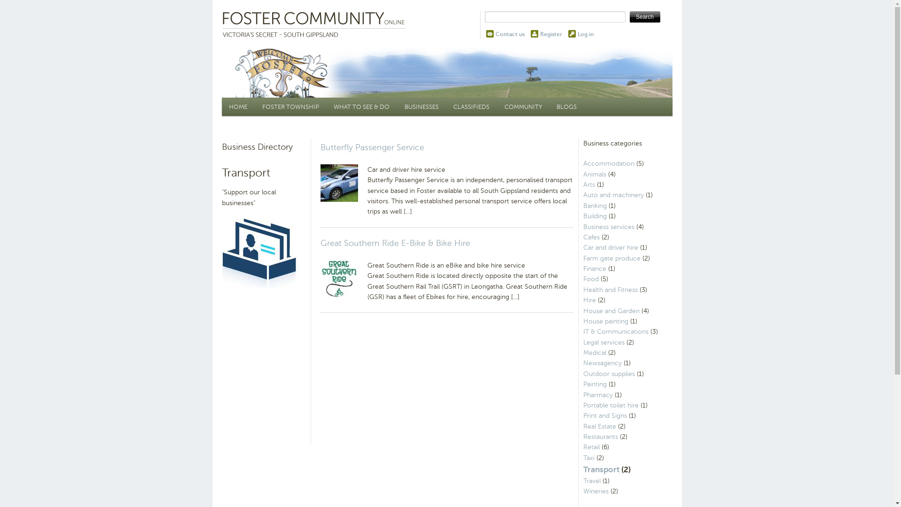 The width and height of the screenshot is (901, 507). What do you see at coordinates (590, 237) in the screenshot?
I see `'Cafes'` at bounding box center [590, 237].